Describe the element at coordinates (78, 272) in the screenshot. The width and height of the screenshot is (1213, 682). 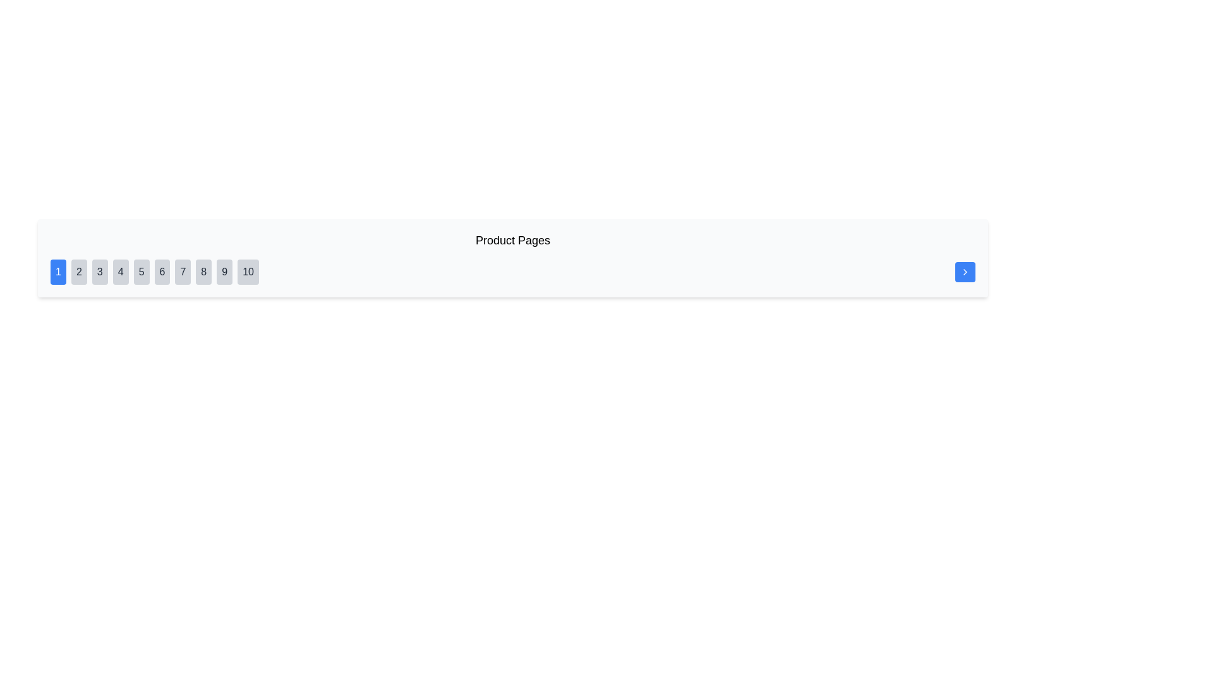
I see `the button labeled '2', which has a light gray background and black text, located in the center of the interface` at that location.